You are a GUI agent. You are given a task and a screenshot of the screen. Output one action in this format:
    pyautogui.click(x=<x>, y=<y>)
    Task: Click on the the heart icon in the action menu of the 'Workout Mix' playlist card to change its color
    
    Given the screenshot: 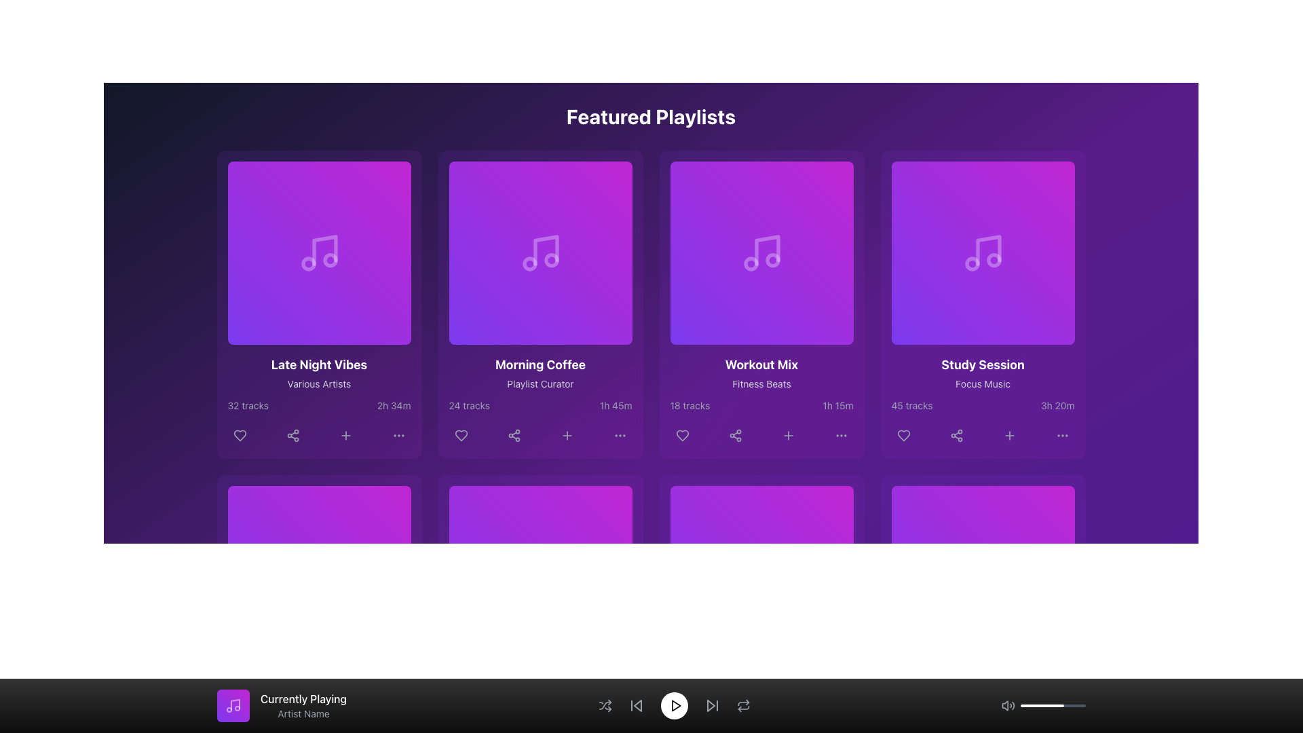 What is the action you would take?
    pyautogui.click(x=682, y=435)
    